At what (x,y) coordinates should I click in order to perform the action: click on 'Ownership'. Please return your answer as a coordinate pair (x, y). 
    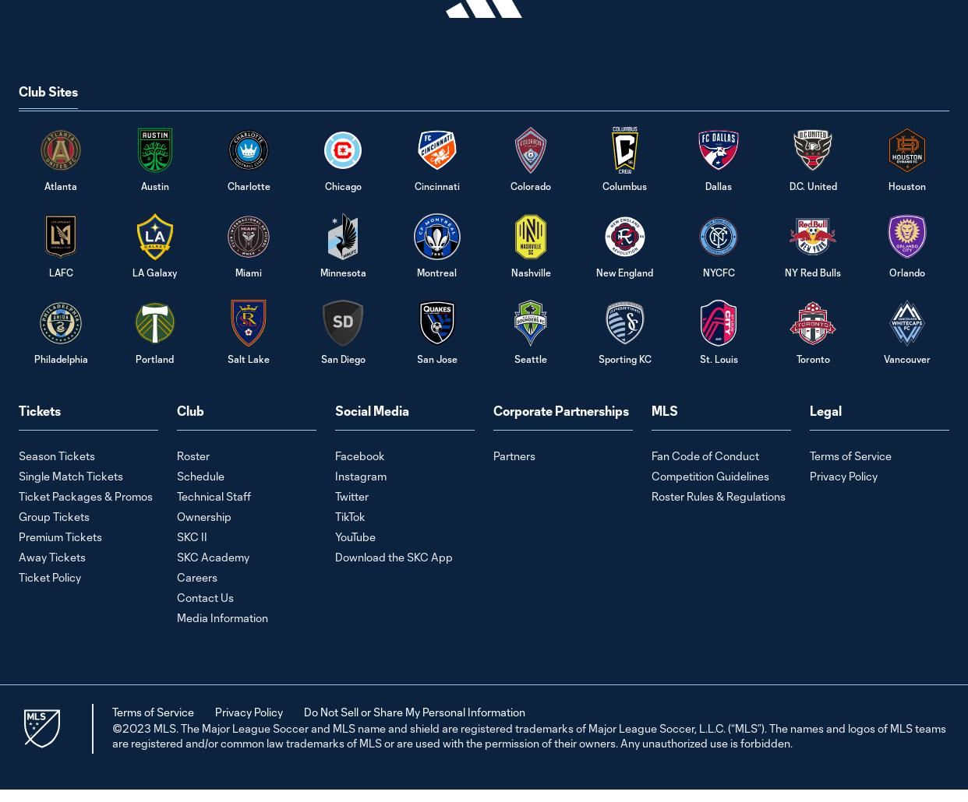
    Looking at the image, I should click on (203, 515).